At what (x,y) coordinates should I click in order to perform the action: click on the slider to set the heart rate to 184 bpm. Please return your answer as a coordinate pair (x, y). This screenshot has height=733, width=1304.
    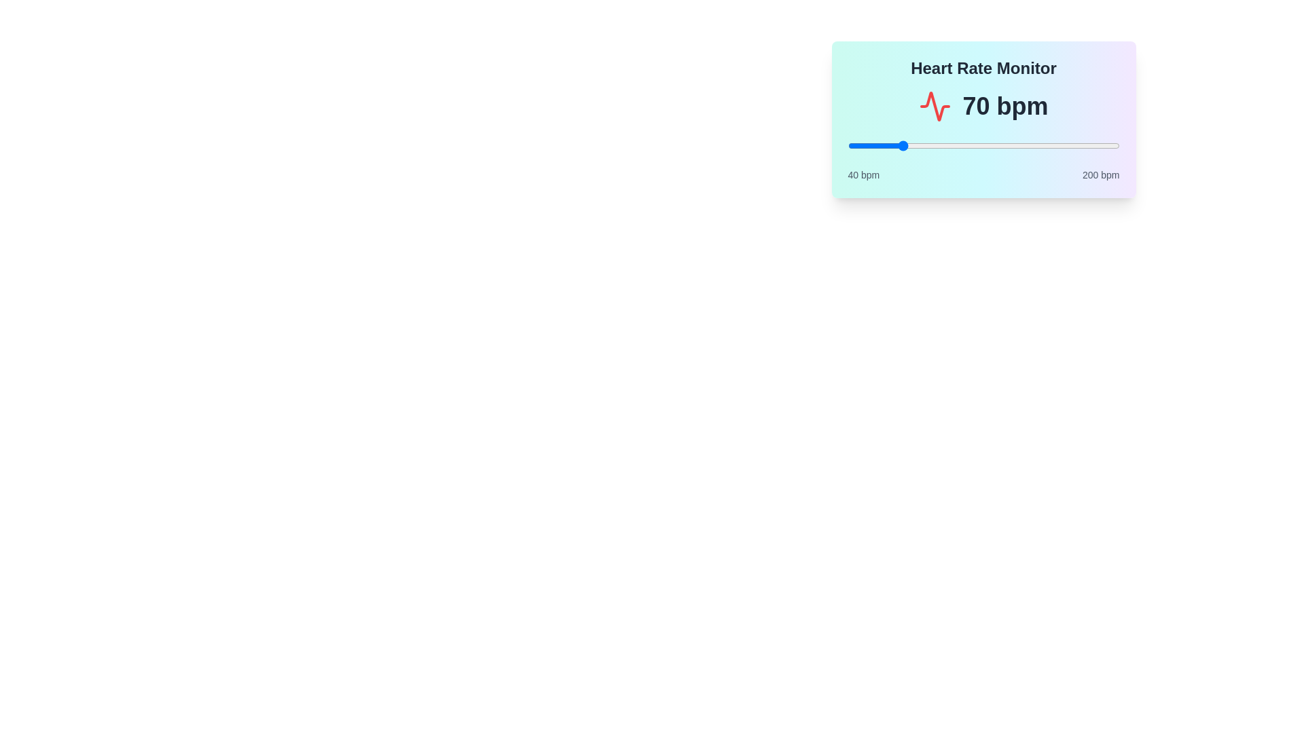
    Looking at the image, I should click on (1092, 146).